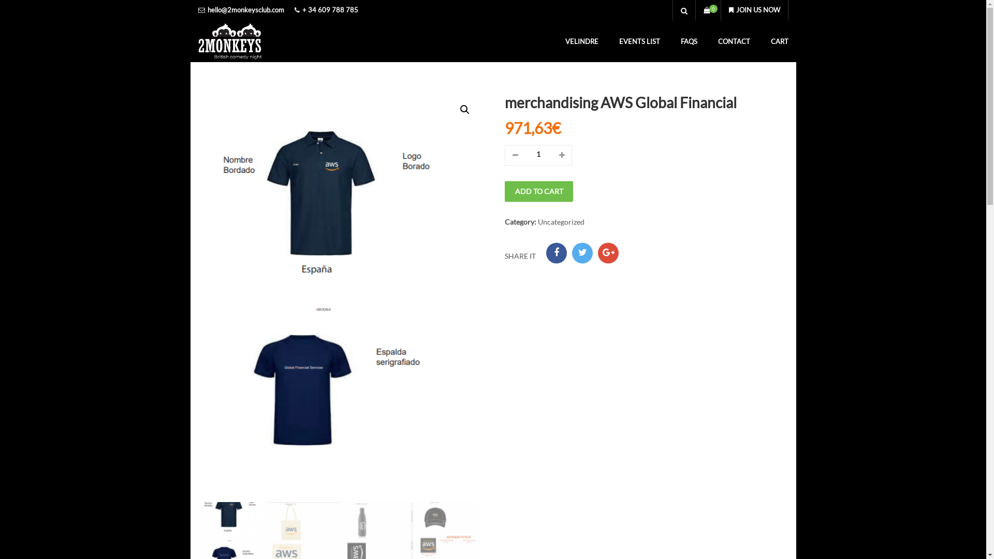 The height and width of the screenshot is (559, 994). Describe the element at coordinates (561, 221) in the screenshot. I see `'Uncategorized'` at that location.